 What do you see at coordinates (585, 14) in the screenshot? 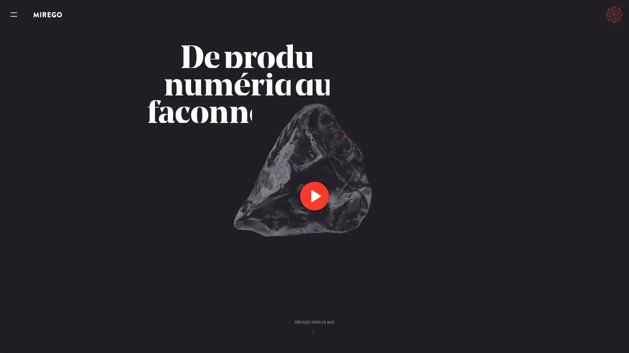
I see `Switch to English version` at bounding box center [585, 14].